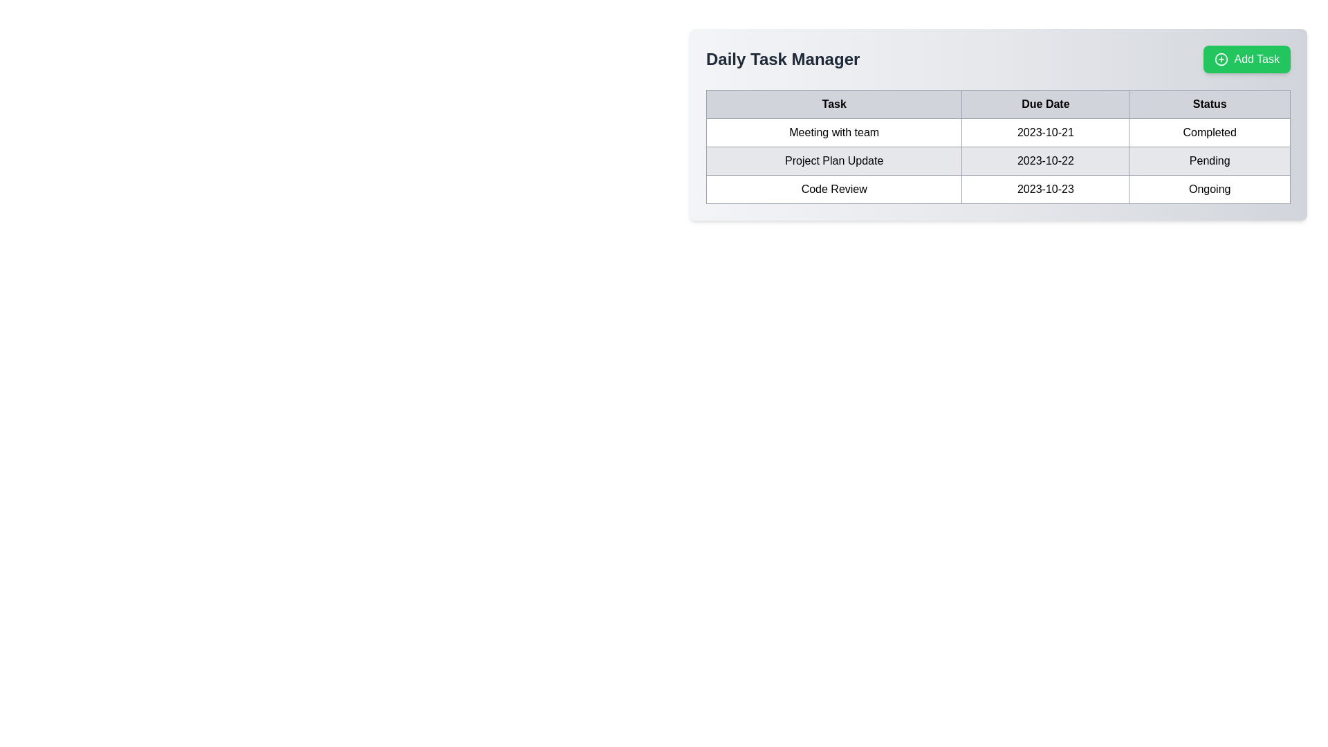  Describe the element at coordinates (998, 124) in the screenshot. I see `the first row of the 'Daily Task Manager' table, which contains the task 'Meeting with team'` at that location.